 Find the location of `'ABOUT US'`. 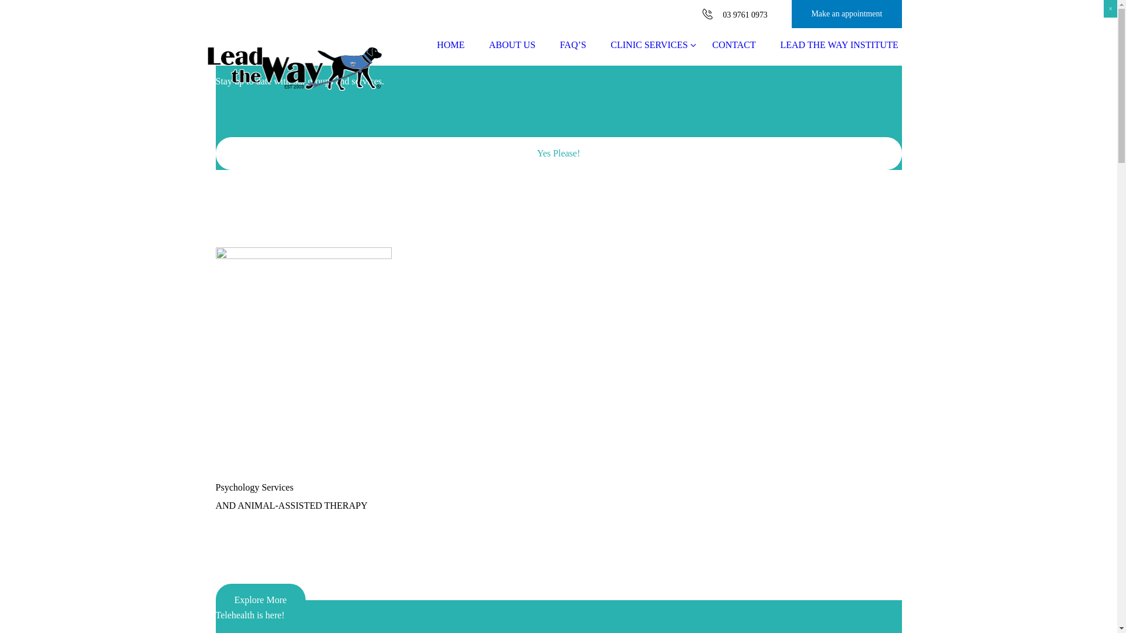

'ABOUT US' is located at coordinates (512, 45).